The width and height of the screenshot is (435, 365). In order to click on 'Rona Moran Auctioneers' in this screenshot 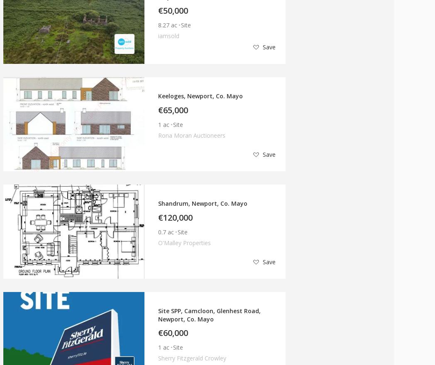, I will do `click(191, 134)`.